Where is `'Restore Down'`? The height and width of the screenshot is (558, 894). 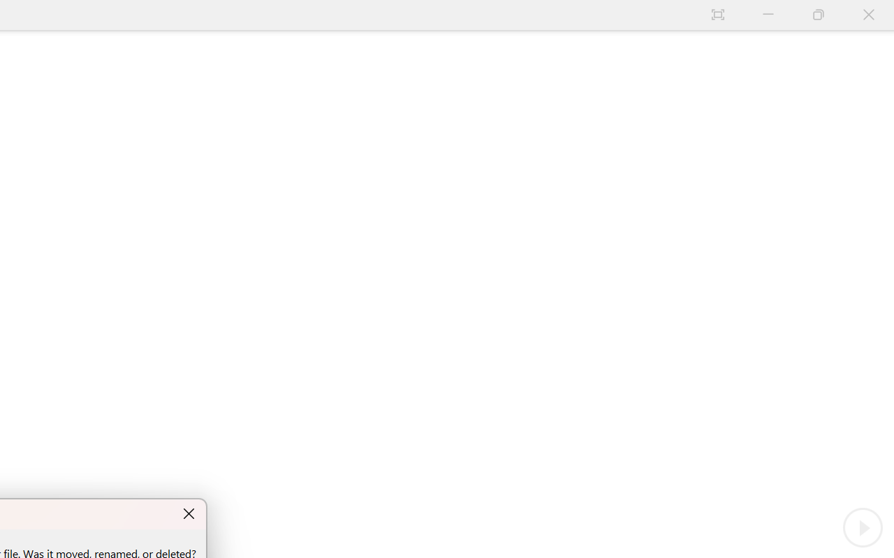
'Restore Down' is located at coordinates (819, 15).